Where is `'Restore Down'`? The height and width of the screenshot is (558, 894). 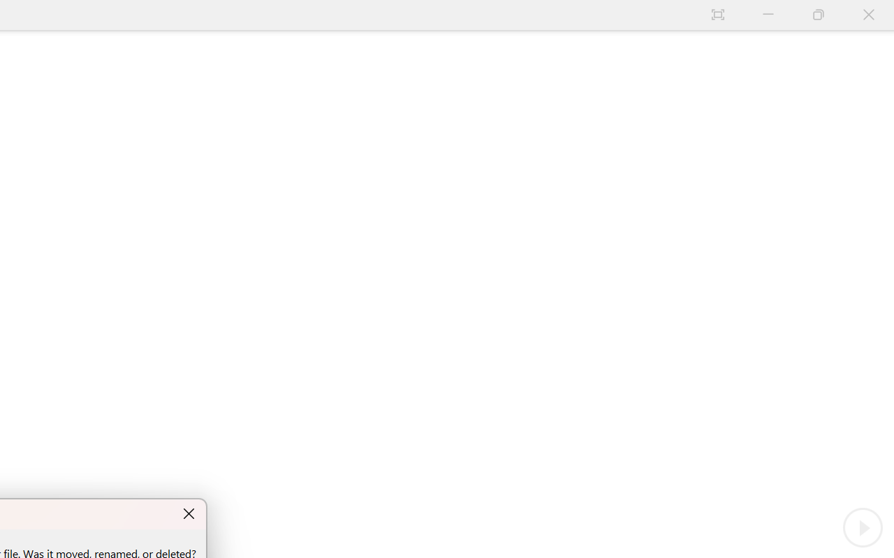
'Restore Down' is located at coordinates (819, 15).